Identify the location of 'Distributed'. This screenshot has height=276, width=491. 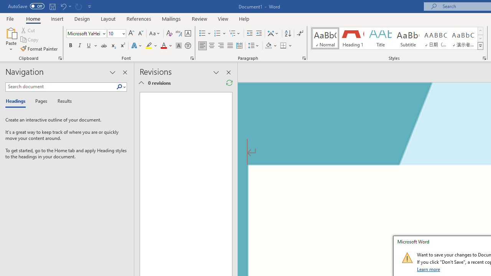
(239, 46).